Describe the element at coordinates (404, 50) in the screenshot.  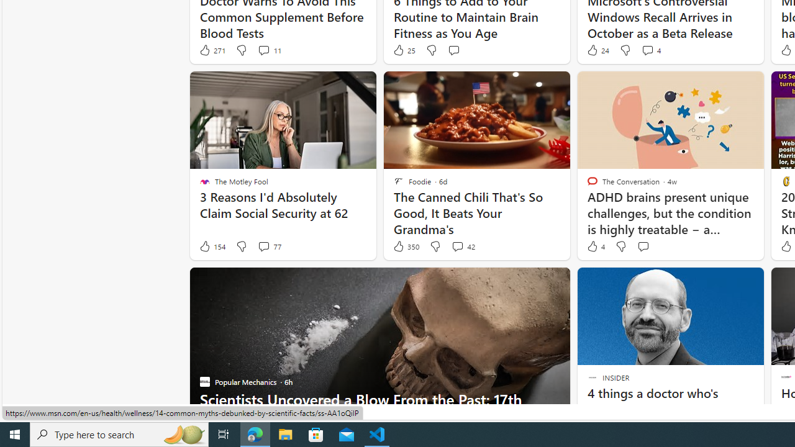
I see `'25 Like'` at that location.